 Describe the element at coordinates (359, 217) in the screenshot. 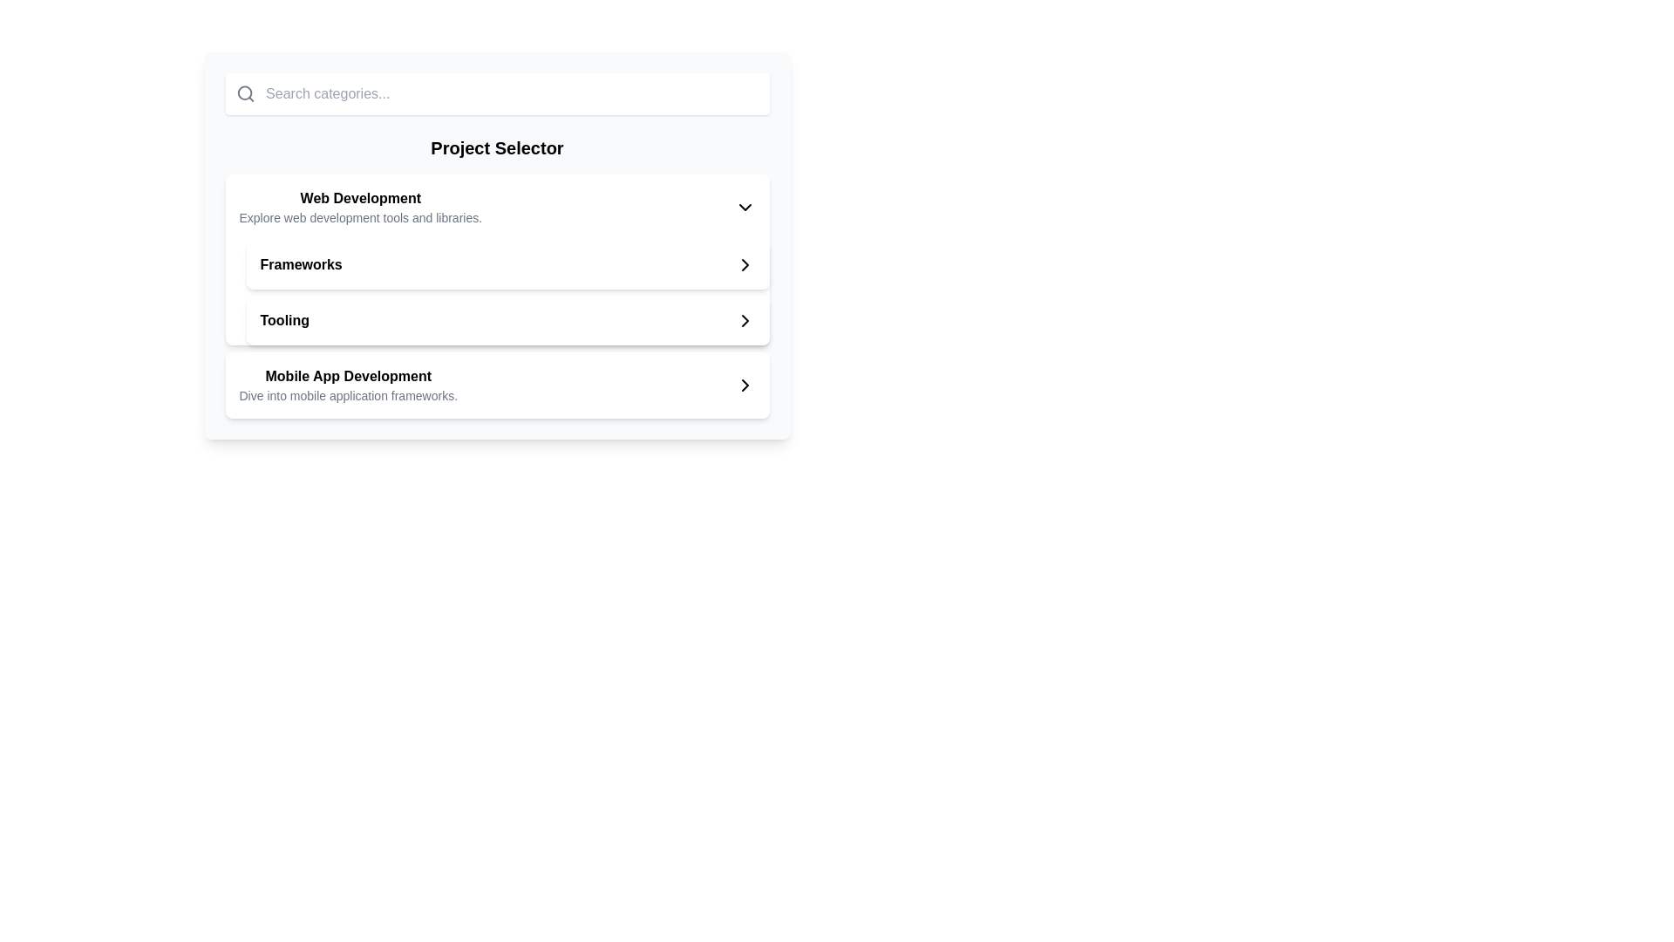

I see `the descriptive text element that provides contextual information for the 'Web Development' section, located below the 'Web Development' heading` at that location.